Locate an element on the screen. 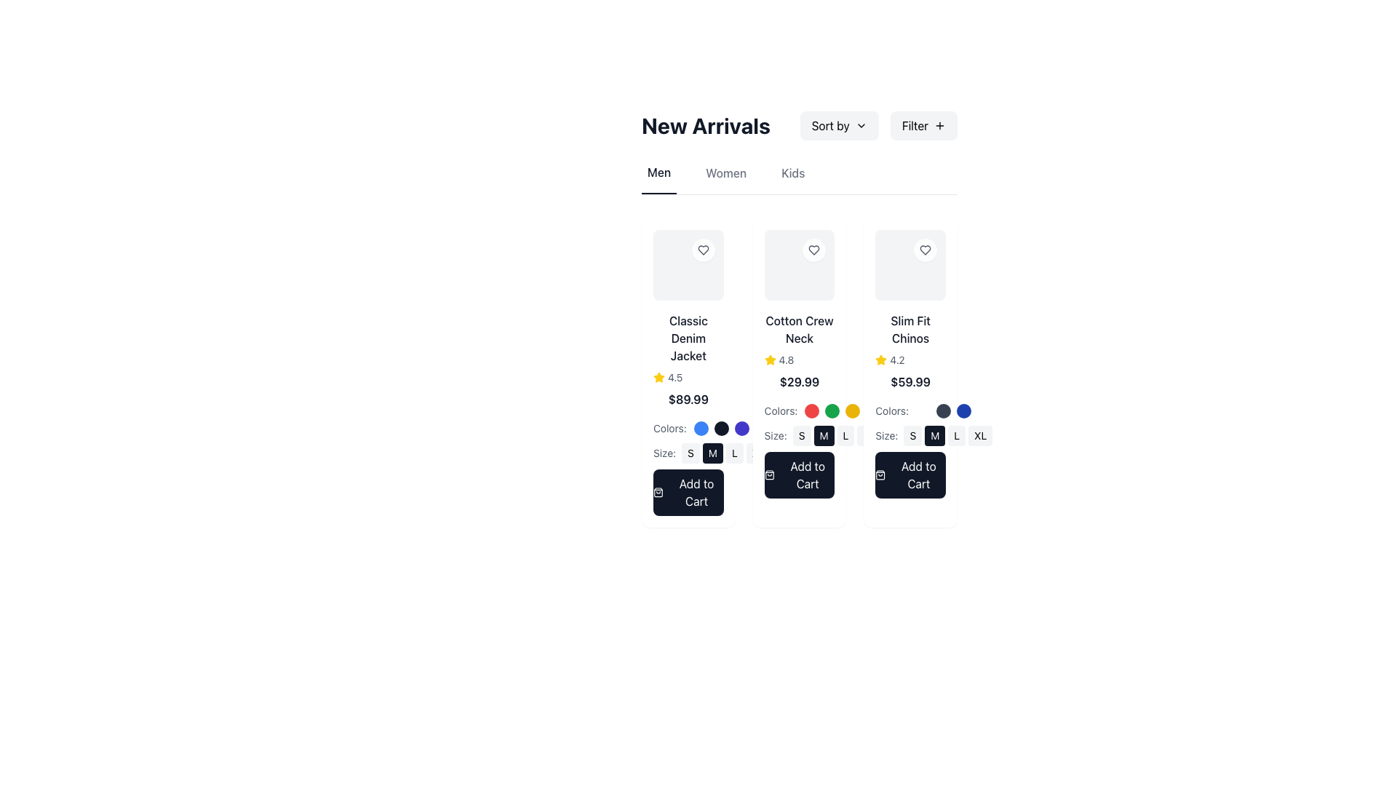 This screenshot has height=786, width=1397. the heart-shaped icon button located inside a rounded white background in the third product card of the 'New Arrivals' section to change its color from gray to red is located at coordinates (925, 249).